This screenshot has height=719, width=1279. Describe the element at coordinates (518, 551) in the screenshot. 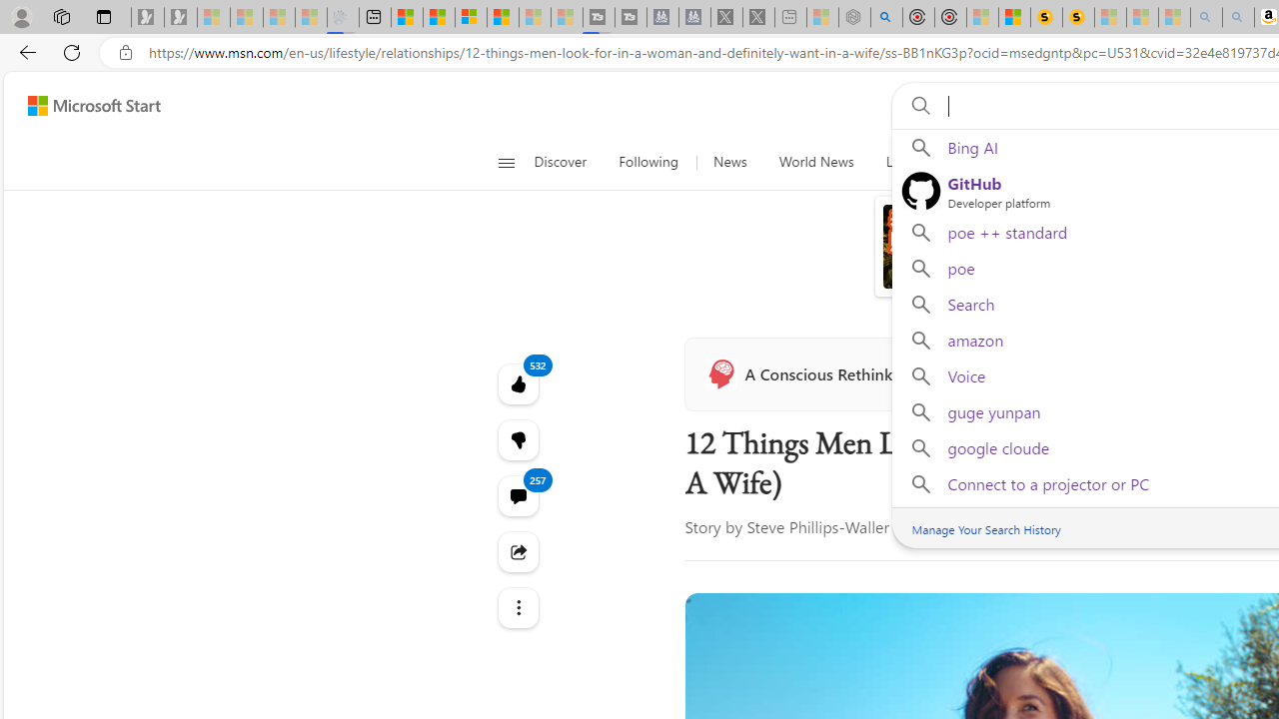

I see `'Share this story'` at that location.